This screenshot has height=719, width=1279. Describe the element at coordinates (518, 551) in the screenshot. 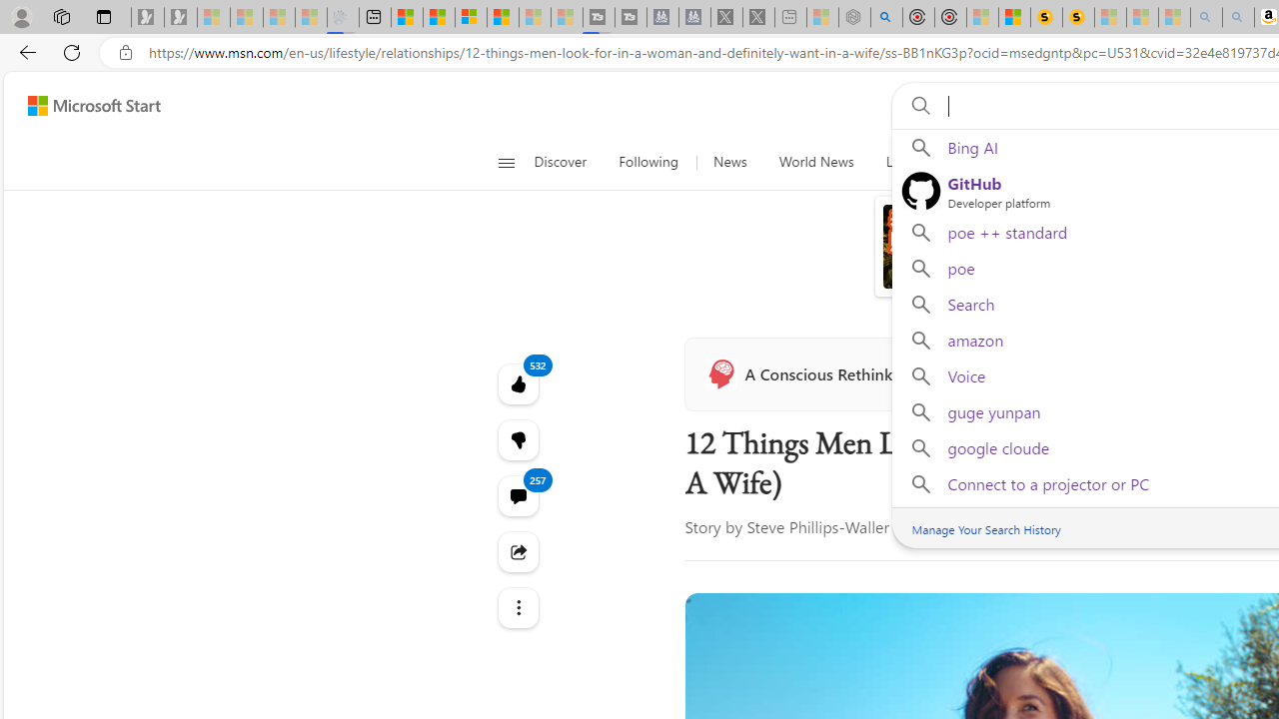

I see `'Share this story'` at that location.